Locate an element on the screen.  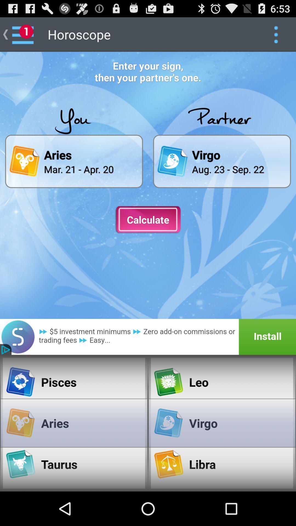
it is adverdisement is located at coordinates (148, 336).